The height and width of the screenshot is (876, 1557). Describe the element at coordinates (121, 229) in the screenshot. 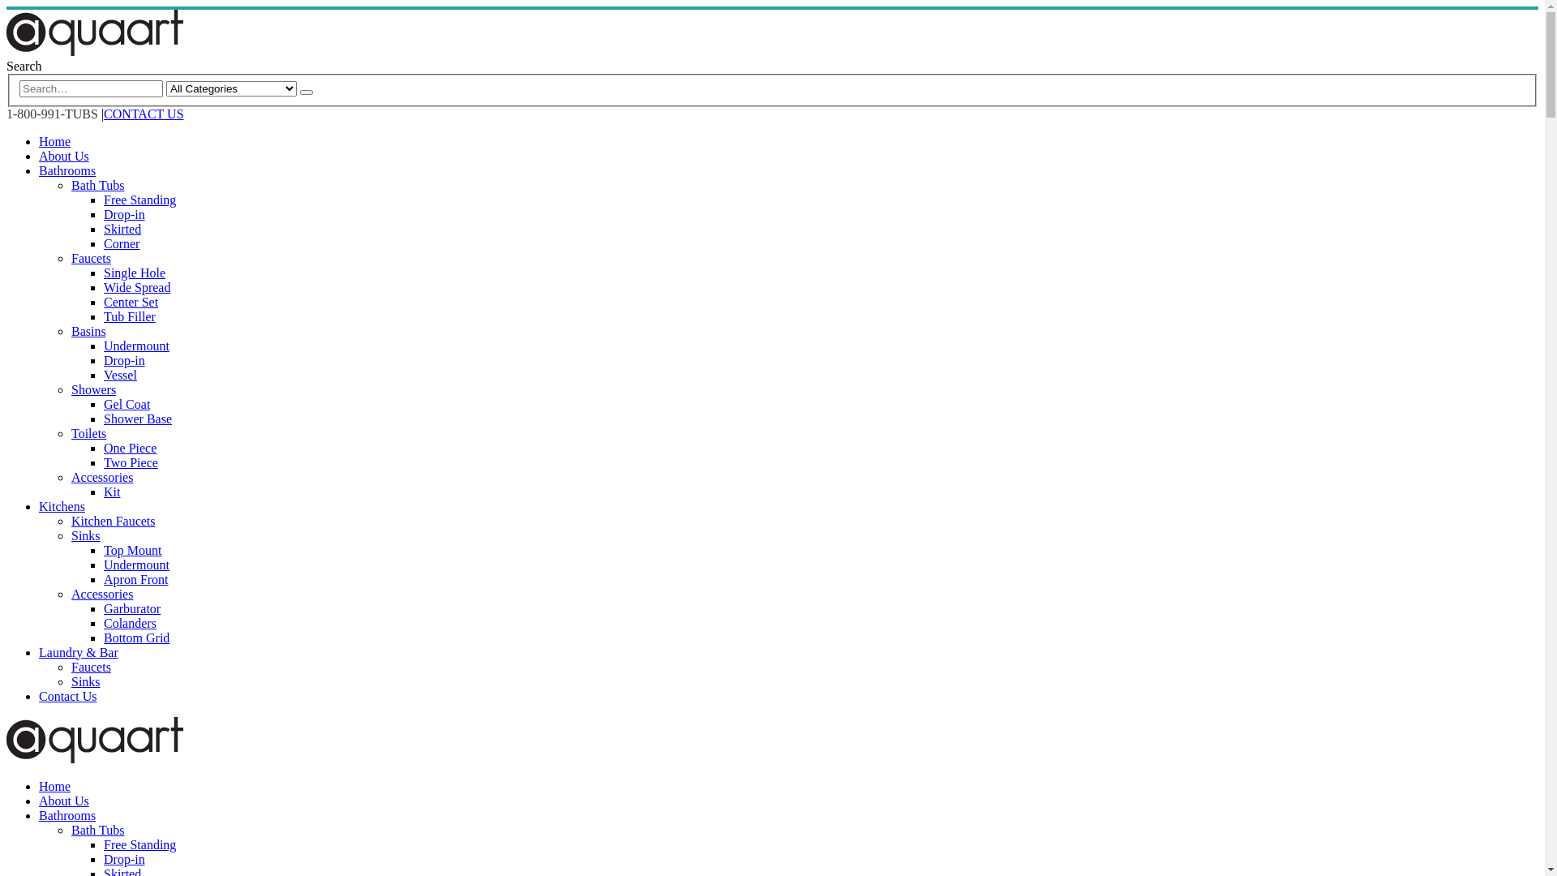

I see `'Skirted'` at that location.